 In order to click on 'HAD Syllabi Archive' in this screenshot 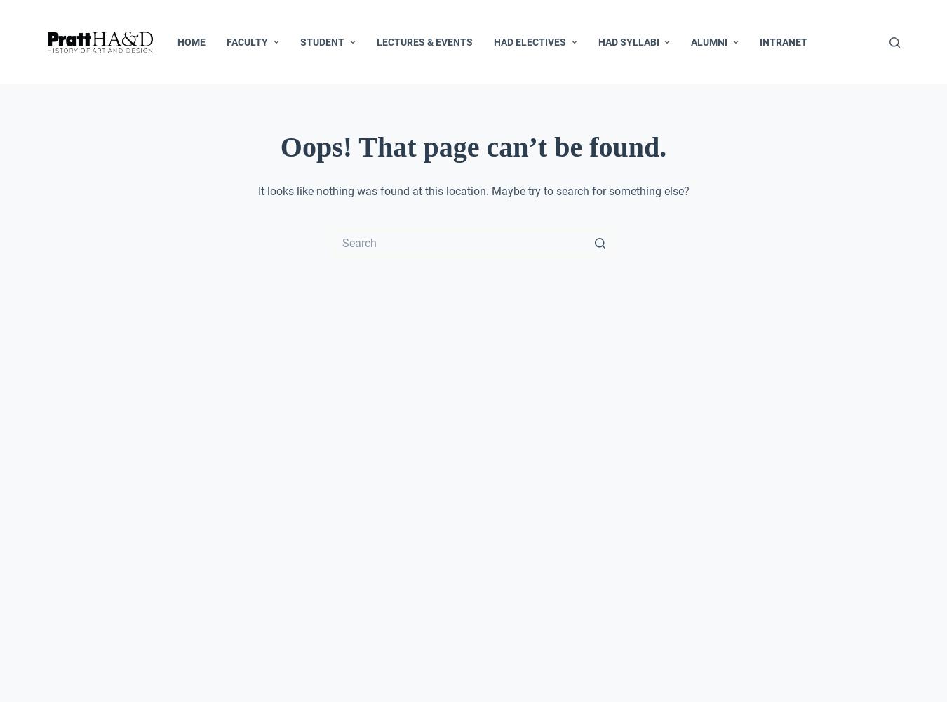, I will do `click(652, 231)`.